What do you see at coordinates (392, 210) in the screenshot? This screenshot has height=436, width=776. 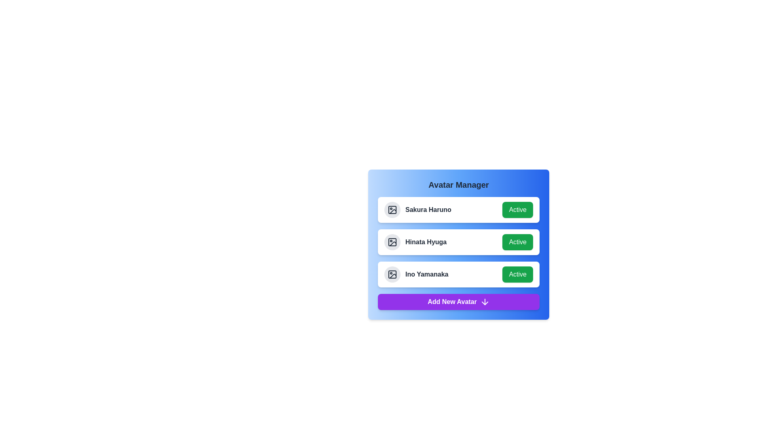 I see `the avatar icon representing 'Sakura Haruno', which is located to the left of the text within a light gray circular background` at bounding box center [392, 210].